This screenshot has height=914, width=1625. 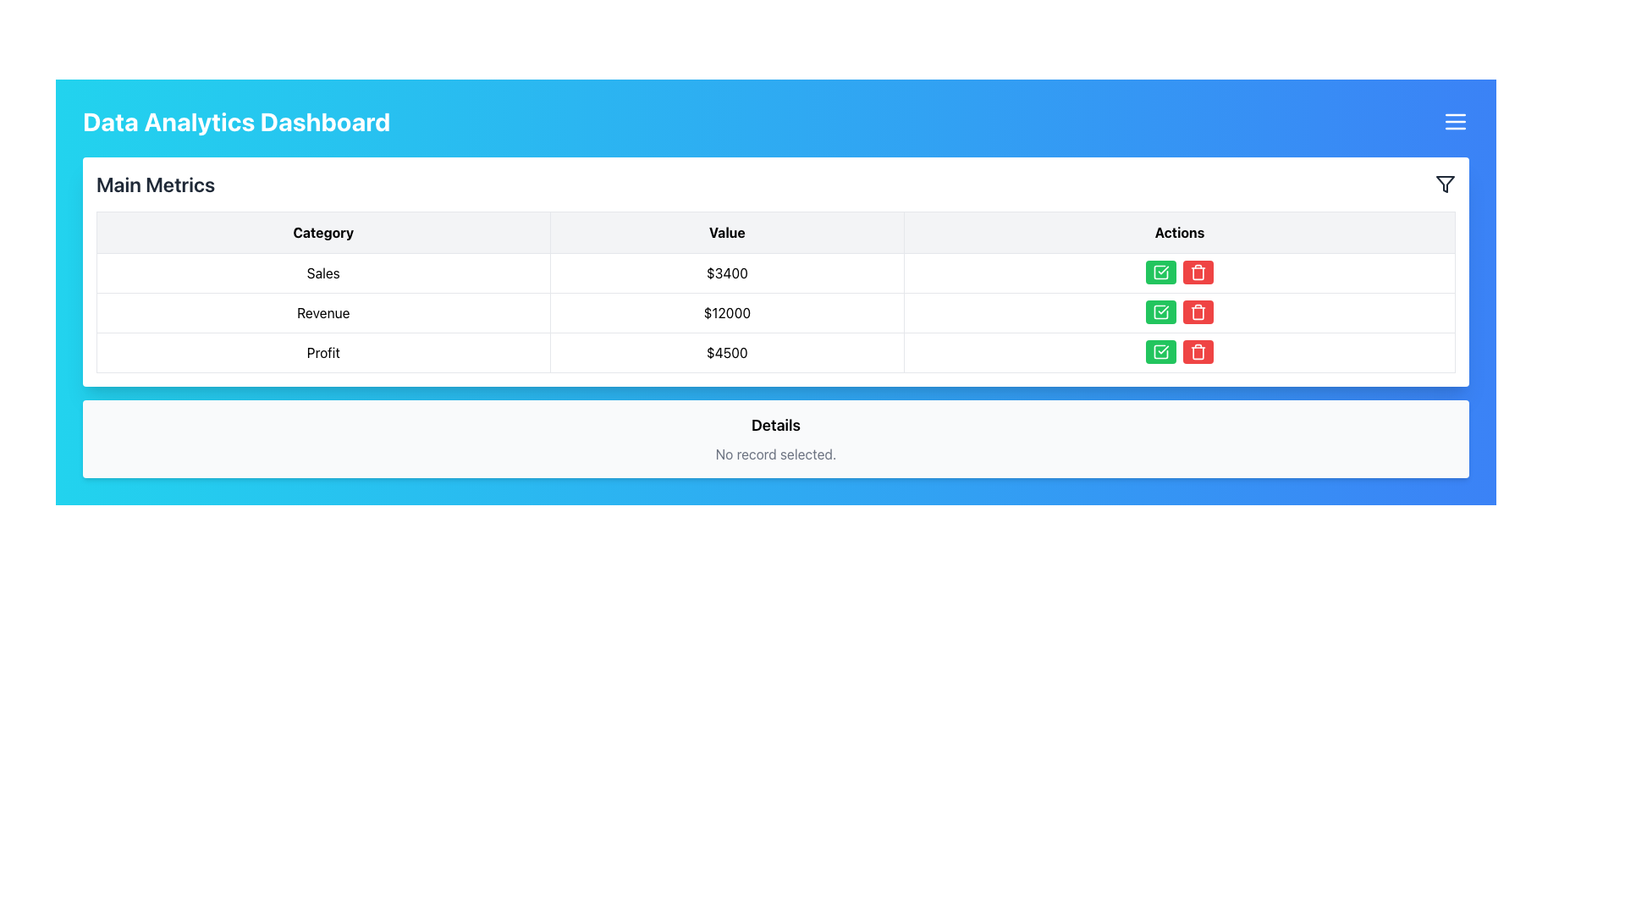 What do you see at coordinates (1160, 351) in the screenshot?
I see `the button located in the 'Actions' column of the last row of the data table, adjacent to the '$4500' value in the 'Profit' row, to observe the hover effect` at bounding box center [1160, 351].